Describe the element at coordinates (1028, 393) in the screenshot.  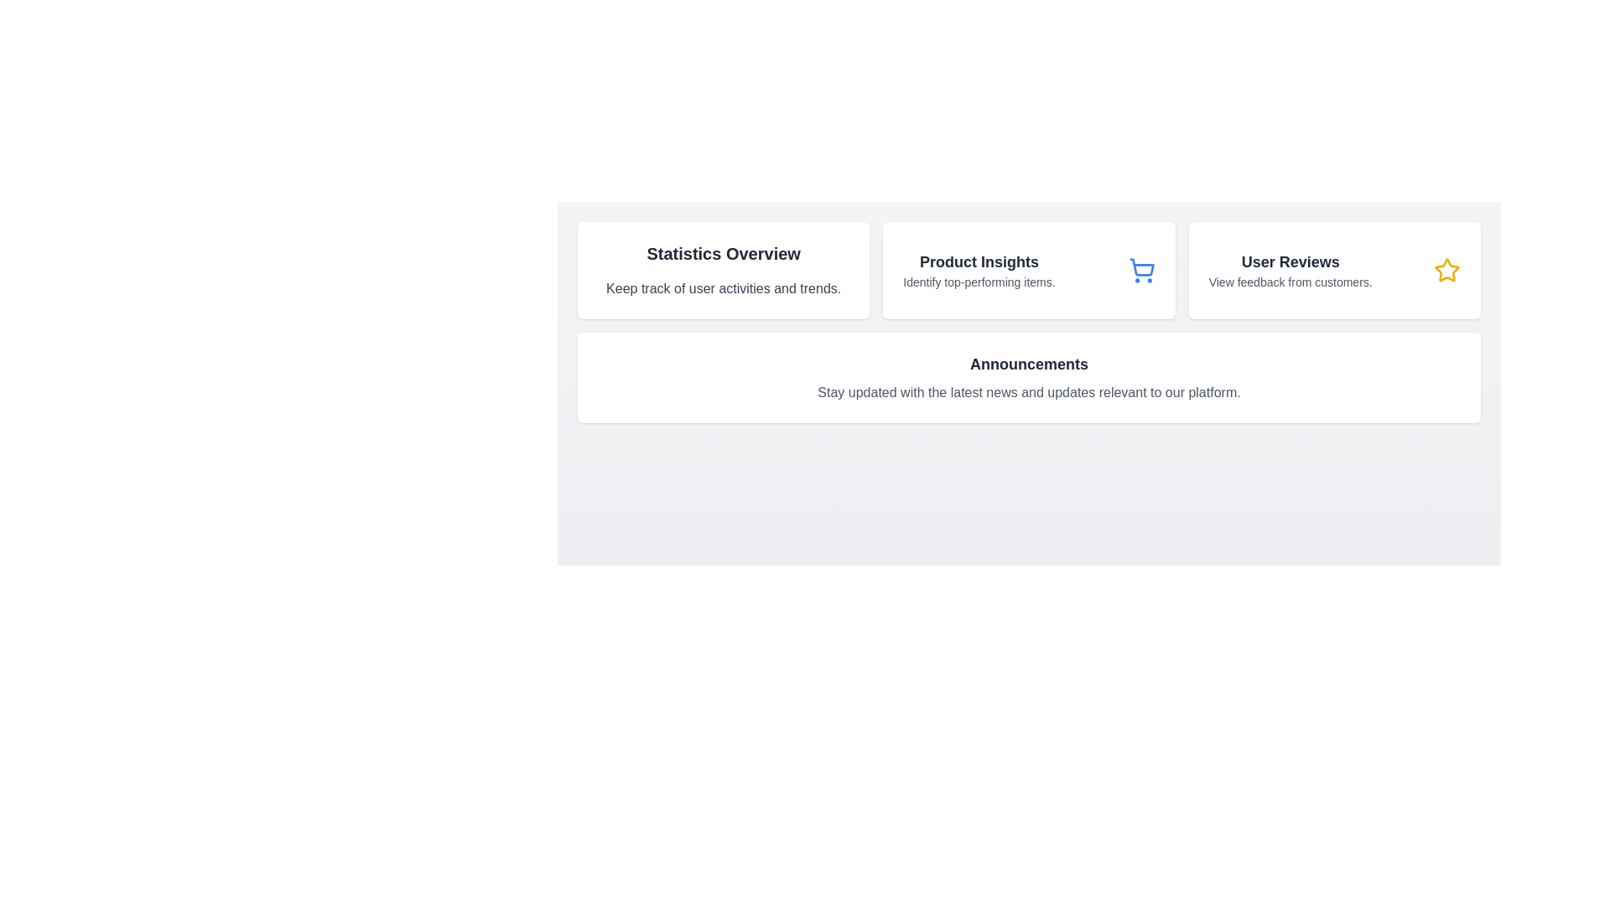
I see `static gray text located in the 'Announcements' section, directly below the bold header 'Announcements'` at that location.